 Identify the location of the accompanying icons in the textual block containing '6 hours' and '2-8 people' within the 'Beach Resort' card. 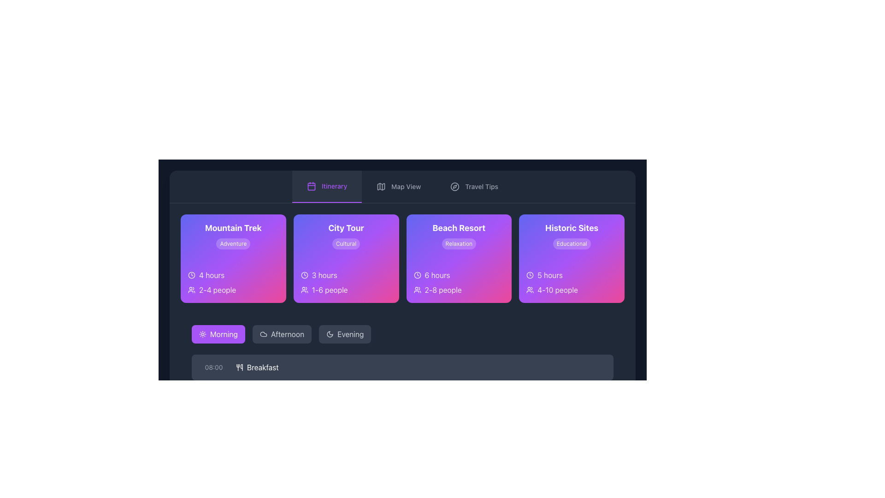
(459, 282).